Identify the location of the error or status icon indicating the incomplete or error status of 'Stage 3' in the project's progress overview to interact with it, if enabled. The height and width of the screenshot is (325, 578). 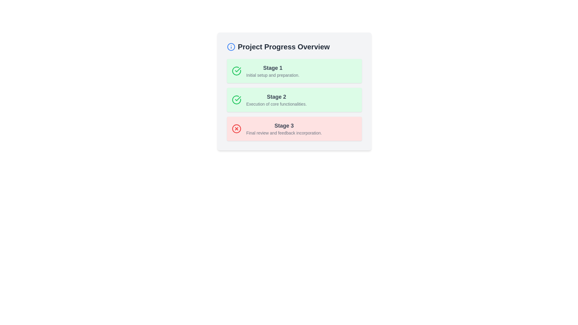
(236, 128).